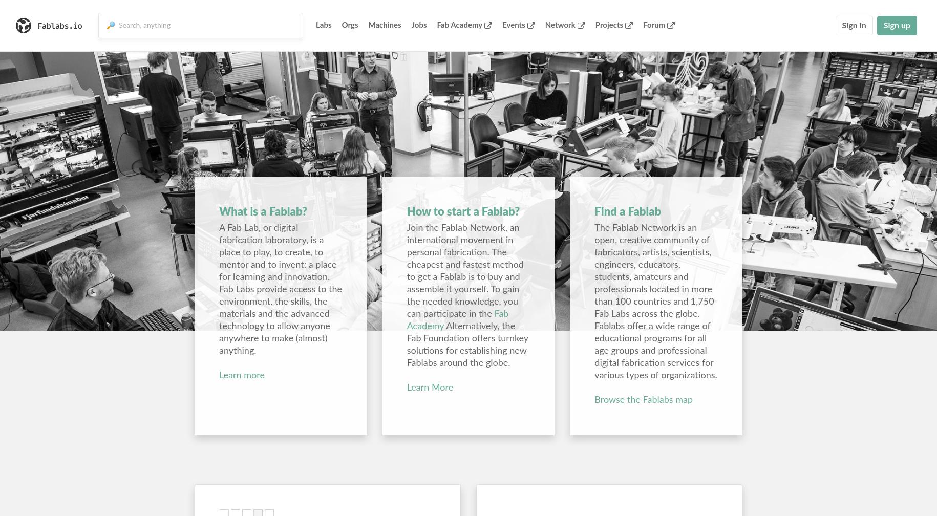 Image resolution: width=937 pixels, height=516 pixels. I want to click on 'Join the Fablab Network, an international movement in personal fabrication. The cheapest and fastest method to get a Fablab is to buy and assemble it yourself. To gain the needed knowledge, you can participate in the', so click(465, 271).